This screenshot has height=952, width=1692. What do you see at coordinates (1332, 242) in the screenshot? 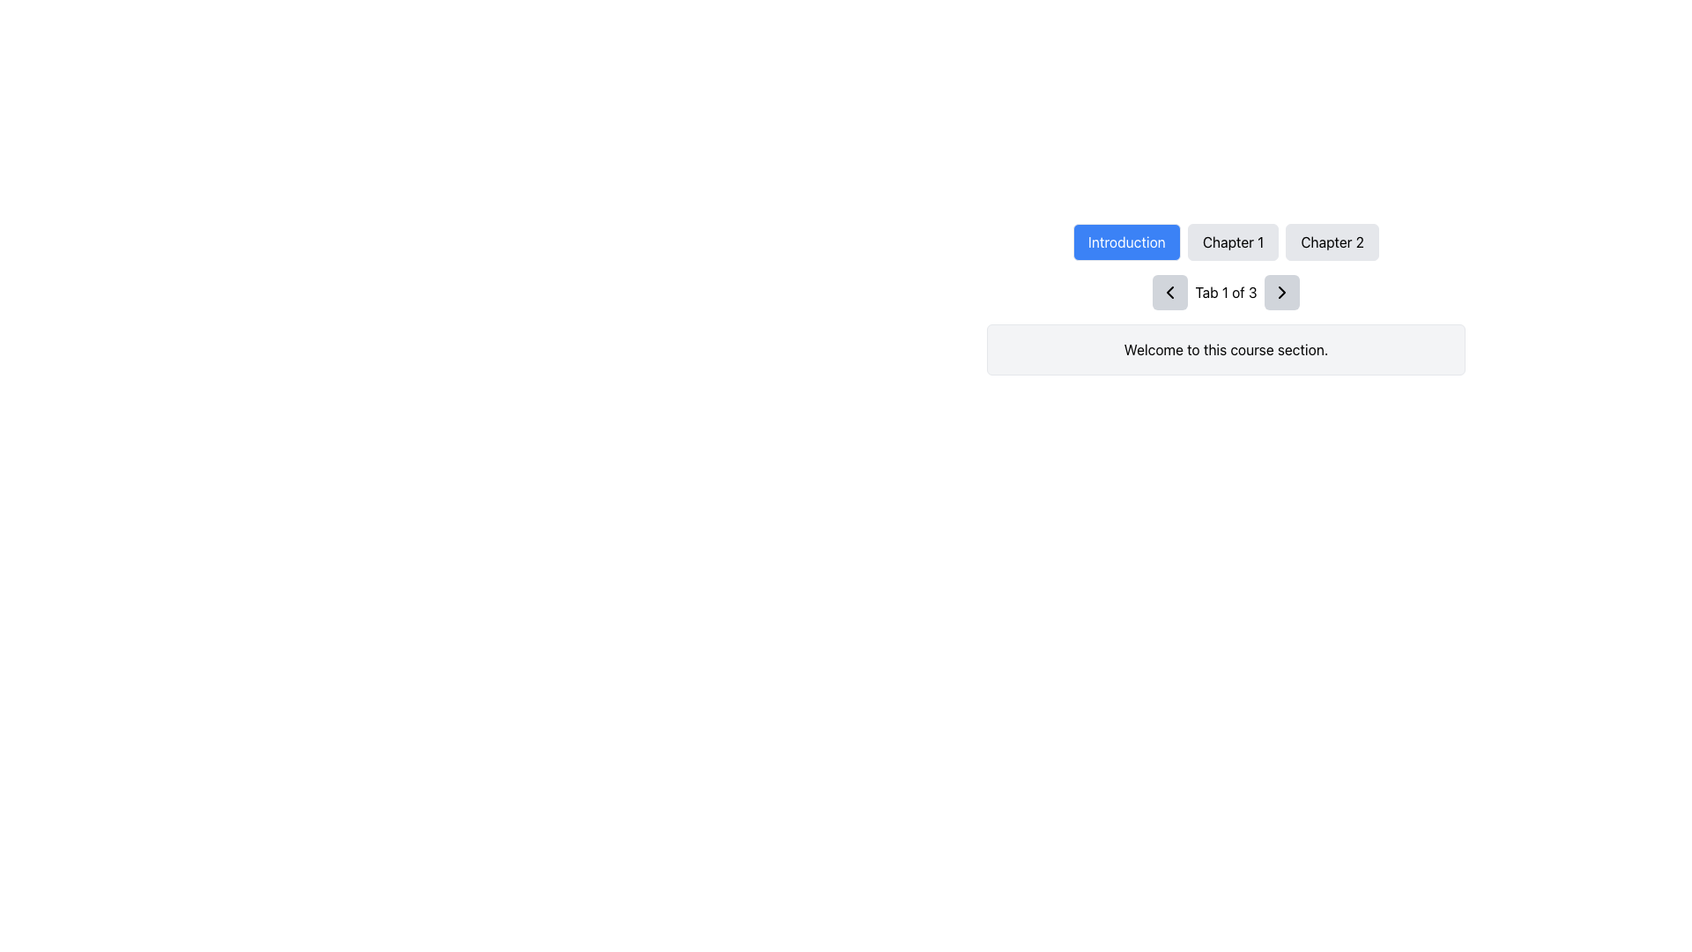
I see `the button labeled 'Chapter 2', which is the rightmost button in a sequence of three buttons` at bounding box center [1332, 242].